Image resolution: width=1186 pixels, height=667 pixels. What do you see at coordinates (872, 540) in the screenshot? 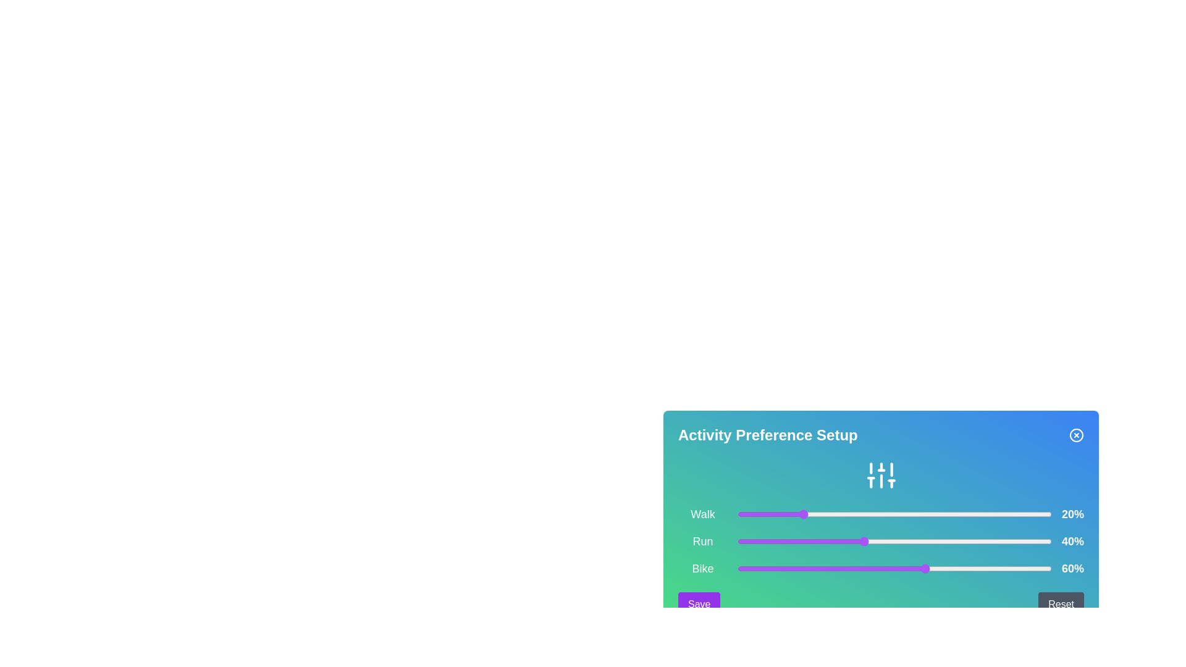
I see `the slider for 1 to 43%` at bounding box center [872, 540].